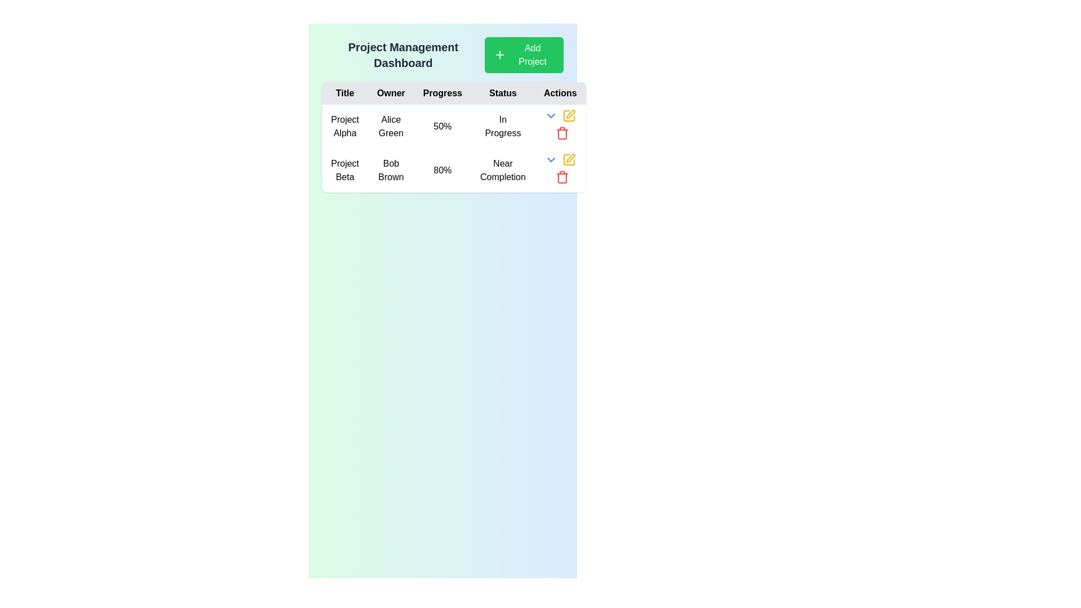 Image resolution: width=1081 pixels, height=608 pixels. Describe the element at coordinates (560, 126) in the screenshot. I see `the red trash bin icon used for deleting in the actions row associated with 'Project Alpha'` at that location.